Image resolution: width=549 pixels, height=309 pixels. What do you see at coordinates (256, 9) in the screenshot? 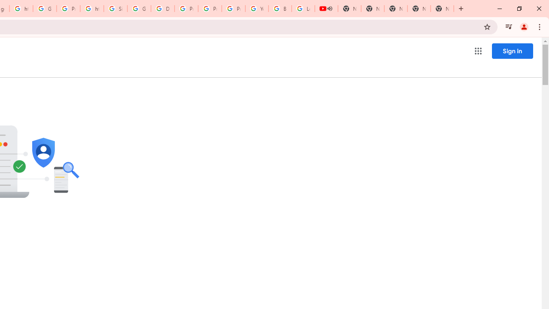
I see `'YouTube'` at bounding box center [256, 9].